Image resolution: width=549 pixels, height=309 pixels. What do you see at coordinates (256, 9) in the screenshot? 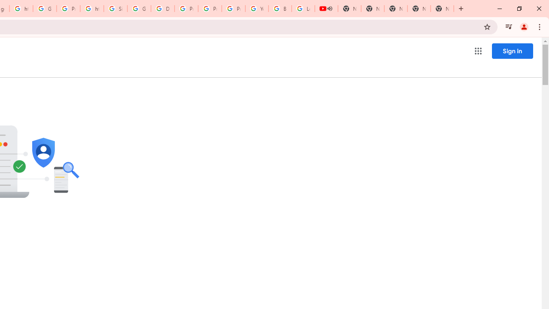
I see `'YouTube'` at bounding box center [256, 9].